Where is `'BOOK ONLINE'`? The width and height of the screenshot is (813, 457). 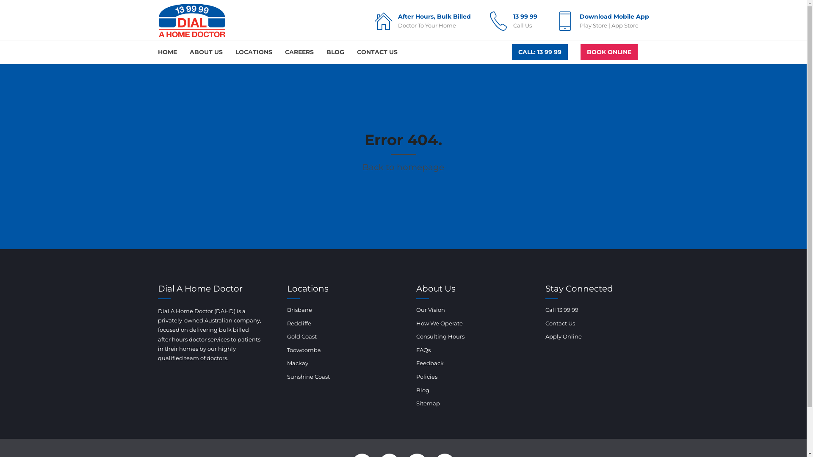 'BOOK ONLINE' is located at coordinates (608, 52).